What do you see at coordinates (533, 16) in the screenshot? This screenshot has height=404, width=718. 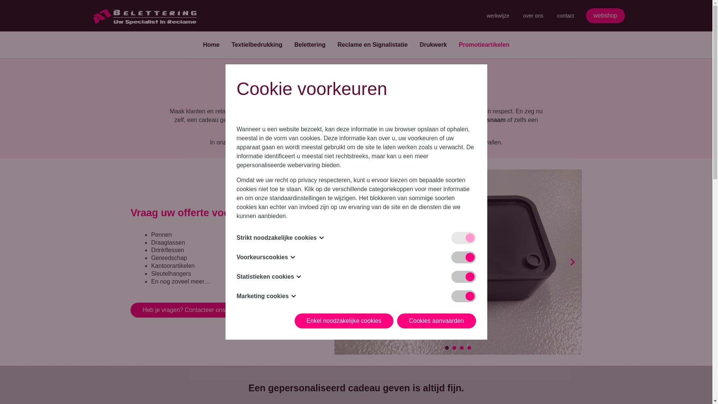 I see `'over ons'` at bounding box center [533, 16].